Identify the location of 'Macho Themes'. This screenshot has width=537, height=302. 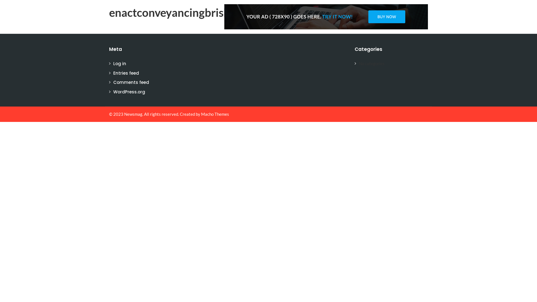
(215, 114).